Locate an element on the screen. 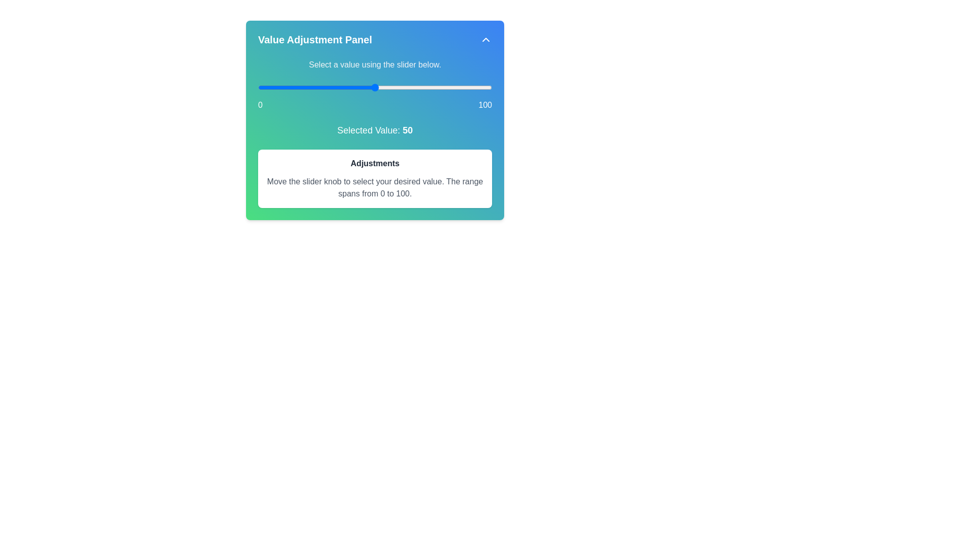 The image size is (968, 544). the text labels indicating the minimum and maximum values (0 and 100) of the slider range, positioned directly below the slider track in the Value Adjustment Panel is located at coordinates (375, 105).